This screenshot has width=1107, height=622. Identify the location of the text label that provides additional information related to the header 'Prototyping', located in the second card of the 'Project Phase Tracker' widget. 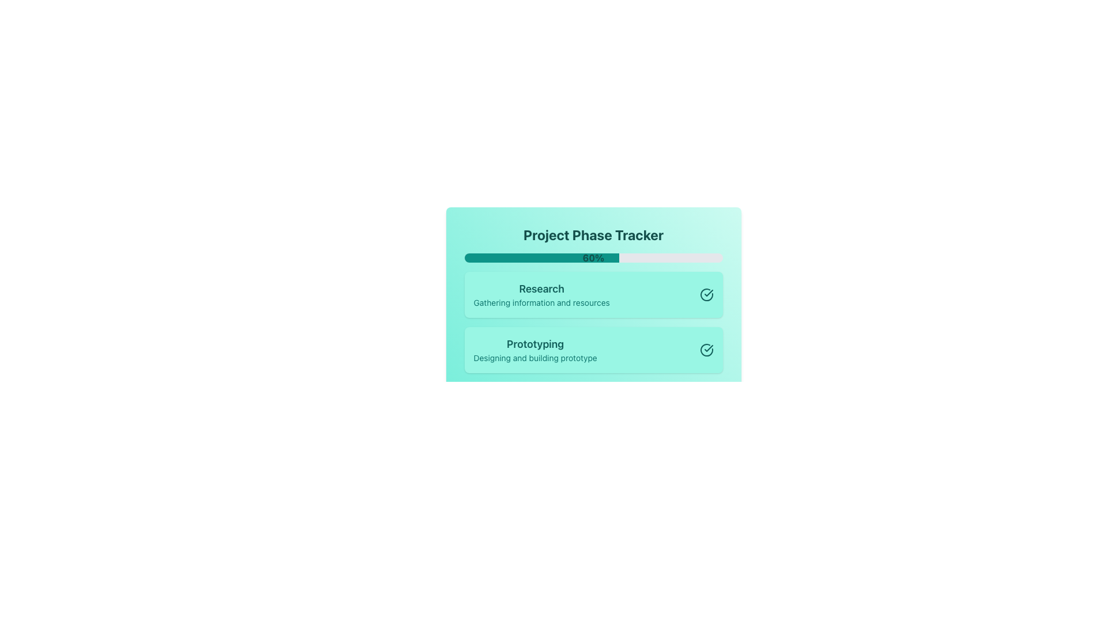
(534, 357).